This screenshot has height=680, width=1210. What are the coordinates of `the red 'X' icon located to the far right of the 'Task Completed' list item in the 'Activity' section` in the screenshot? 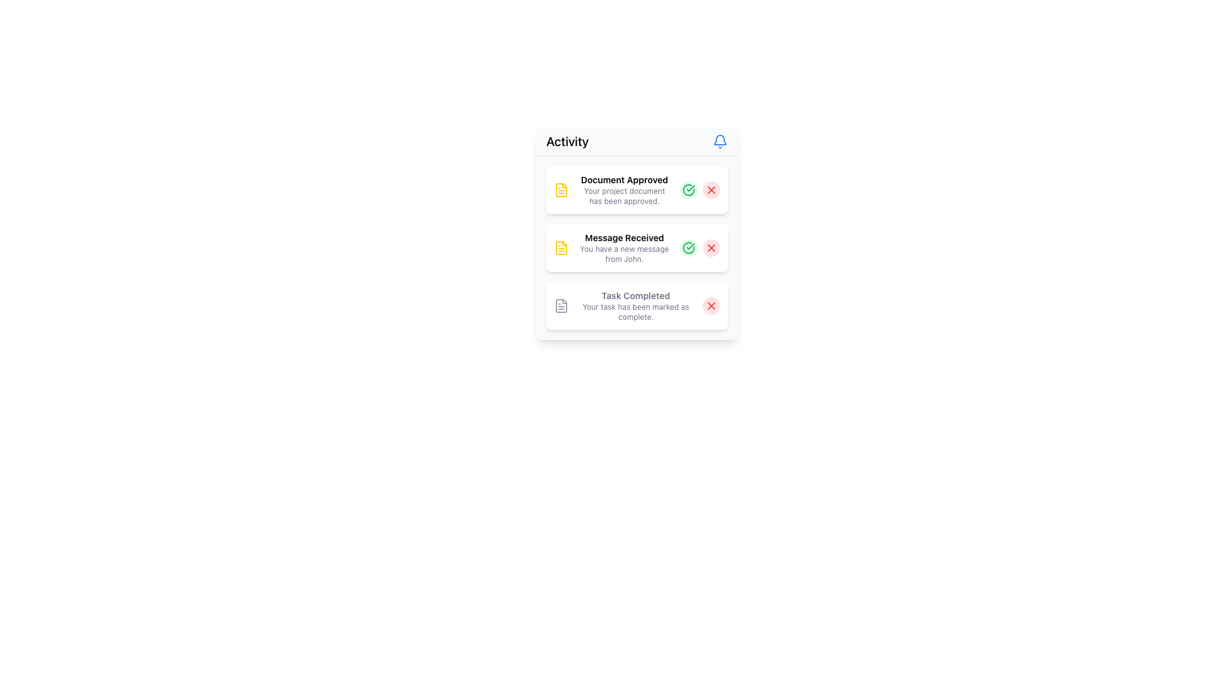 It's located at (711, 306).